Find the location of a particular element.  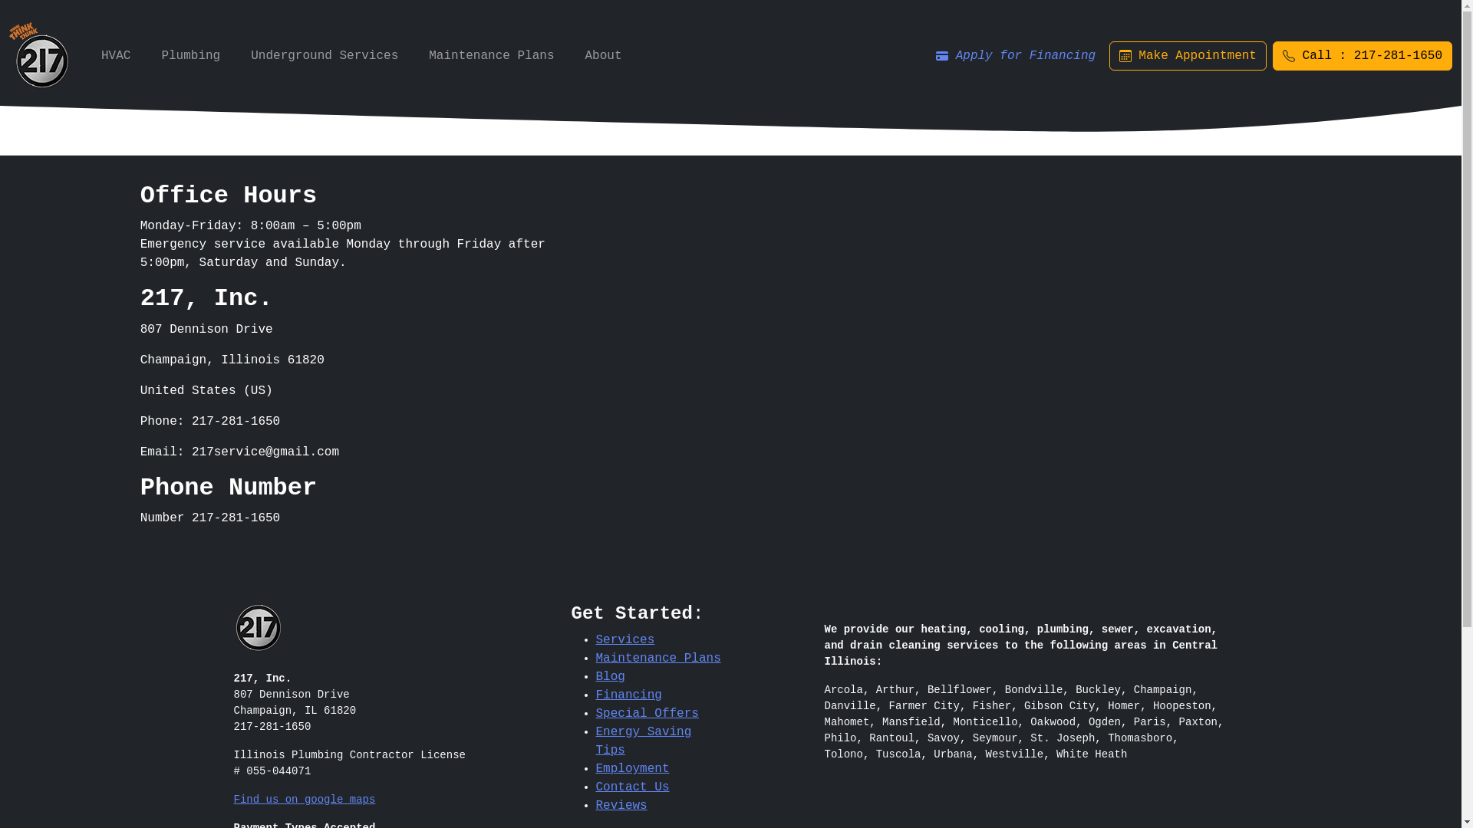

'Maintenance Plans' is located at coordinates (491, 55).